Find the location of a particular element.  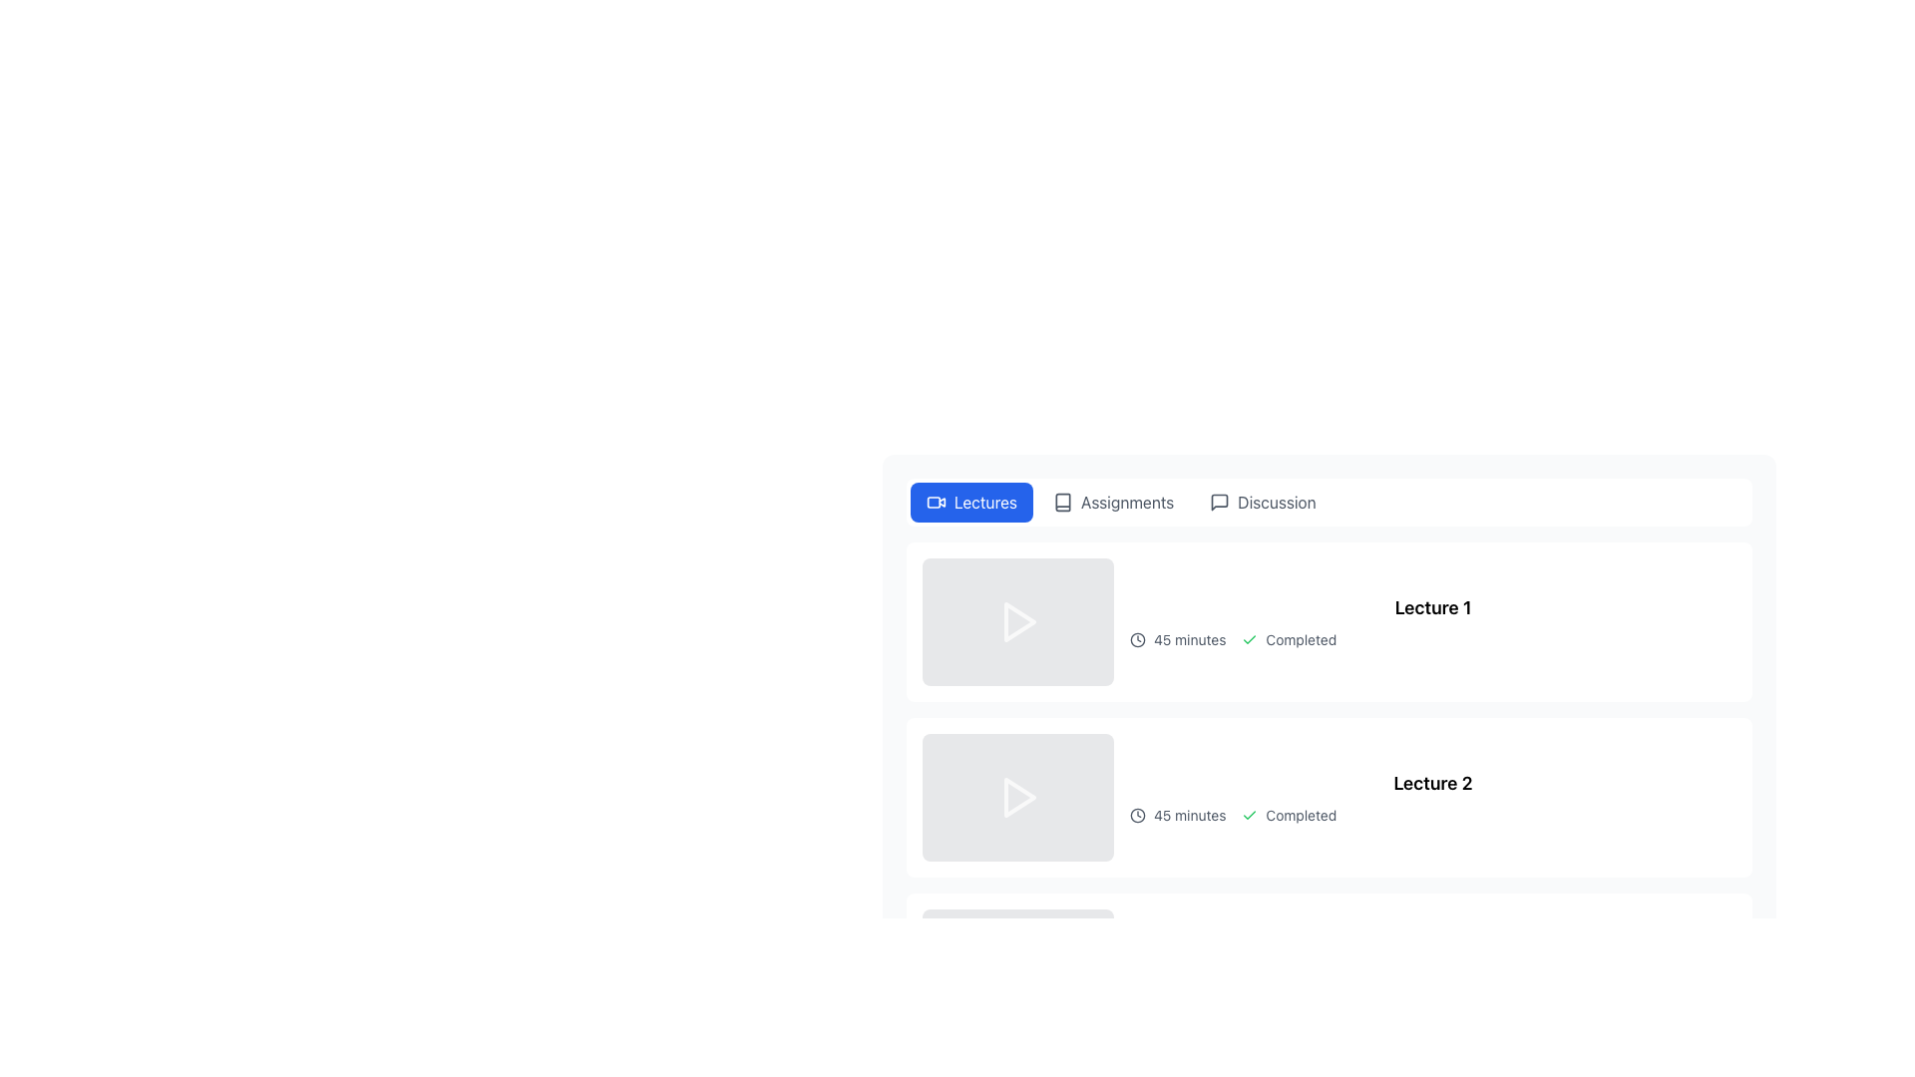

the discussion icon is located at coordinates (1219, 502).